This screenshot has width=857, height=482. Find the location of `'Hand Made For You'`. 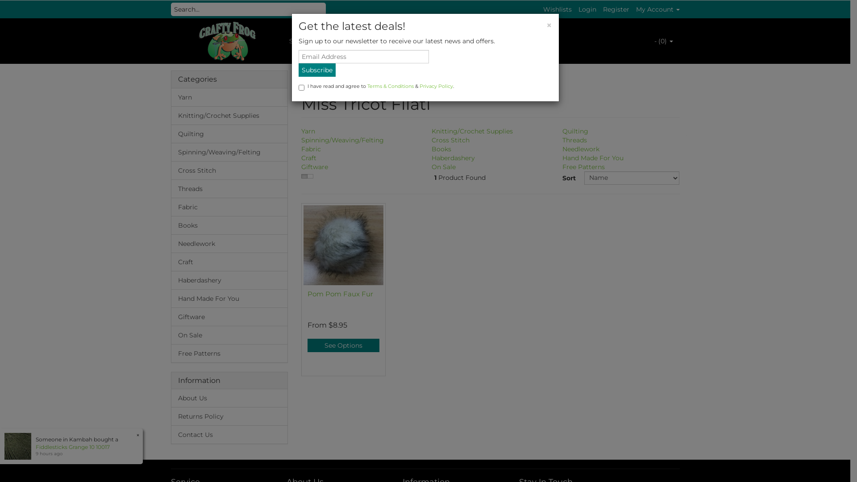

'Hand Made For You' is located at coordinates (229, 298).